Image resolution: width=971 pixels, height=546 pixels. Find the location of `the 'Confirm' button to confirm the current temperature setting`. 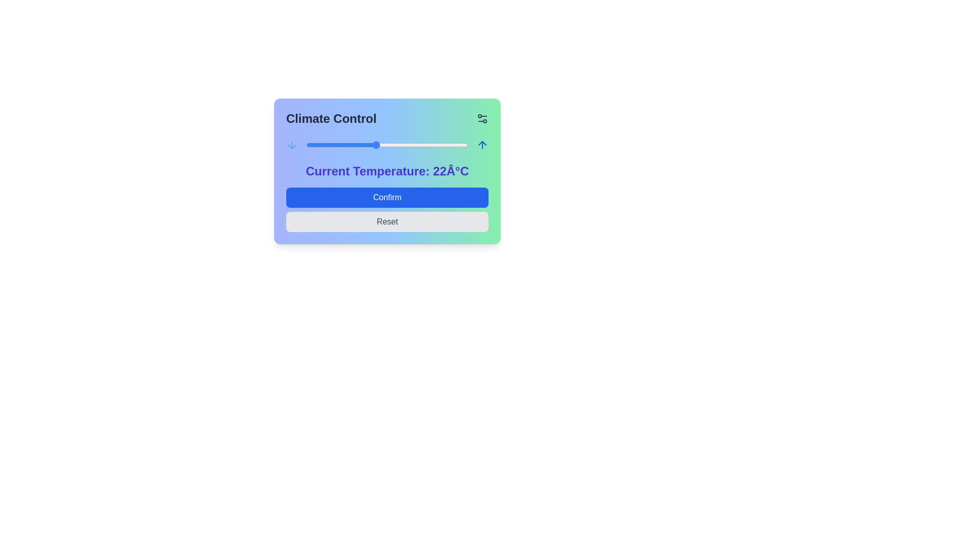

the 'Confirm' button to confirm the current temperature setting is located at coordinates (387, 197).